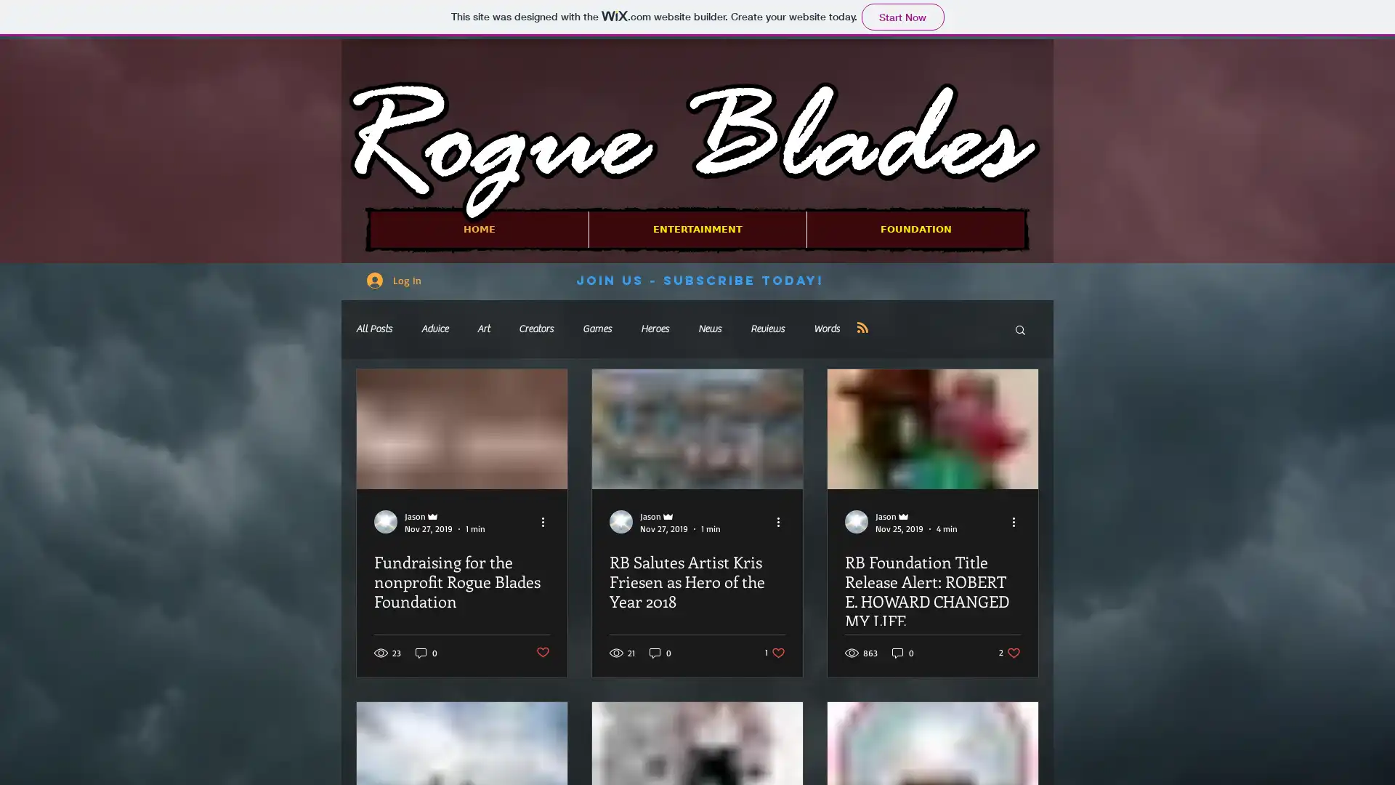 The image size is (1395, 785). I want to click on All Posts, so click(373, 329).